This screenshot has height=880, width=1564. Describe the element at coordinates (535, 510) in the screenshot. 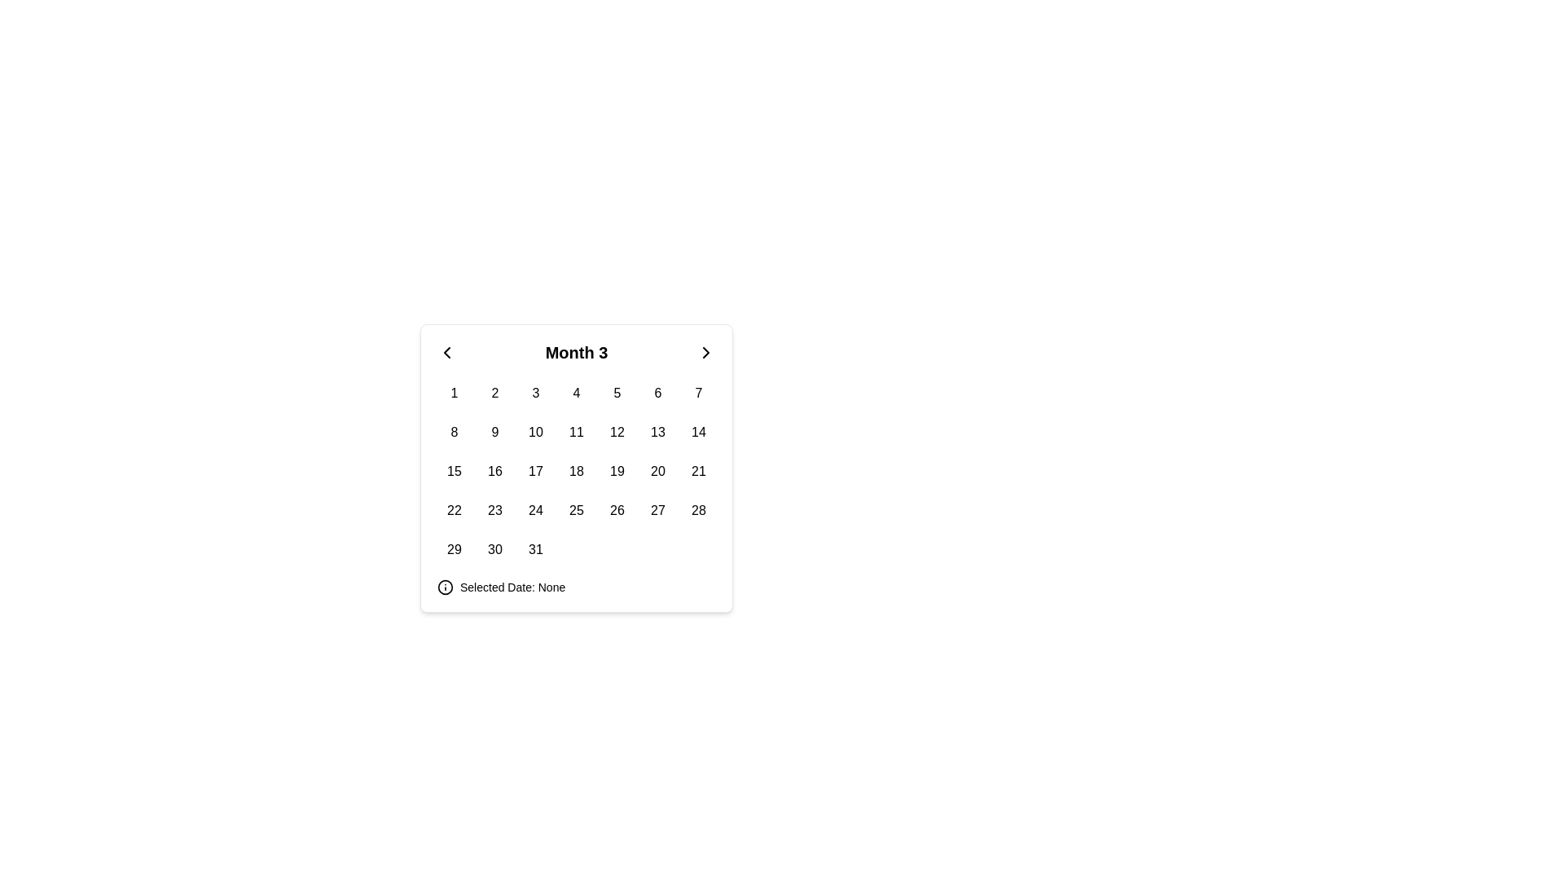

I see `the button representing the day '24' in the calendar interface` at that location.